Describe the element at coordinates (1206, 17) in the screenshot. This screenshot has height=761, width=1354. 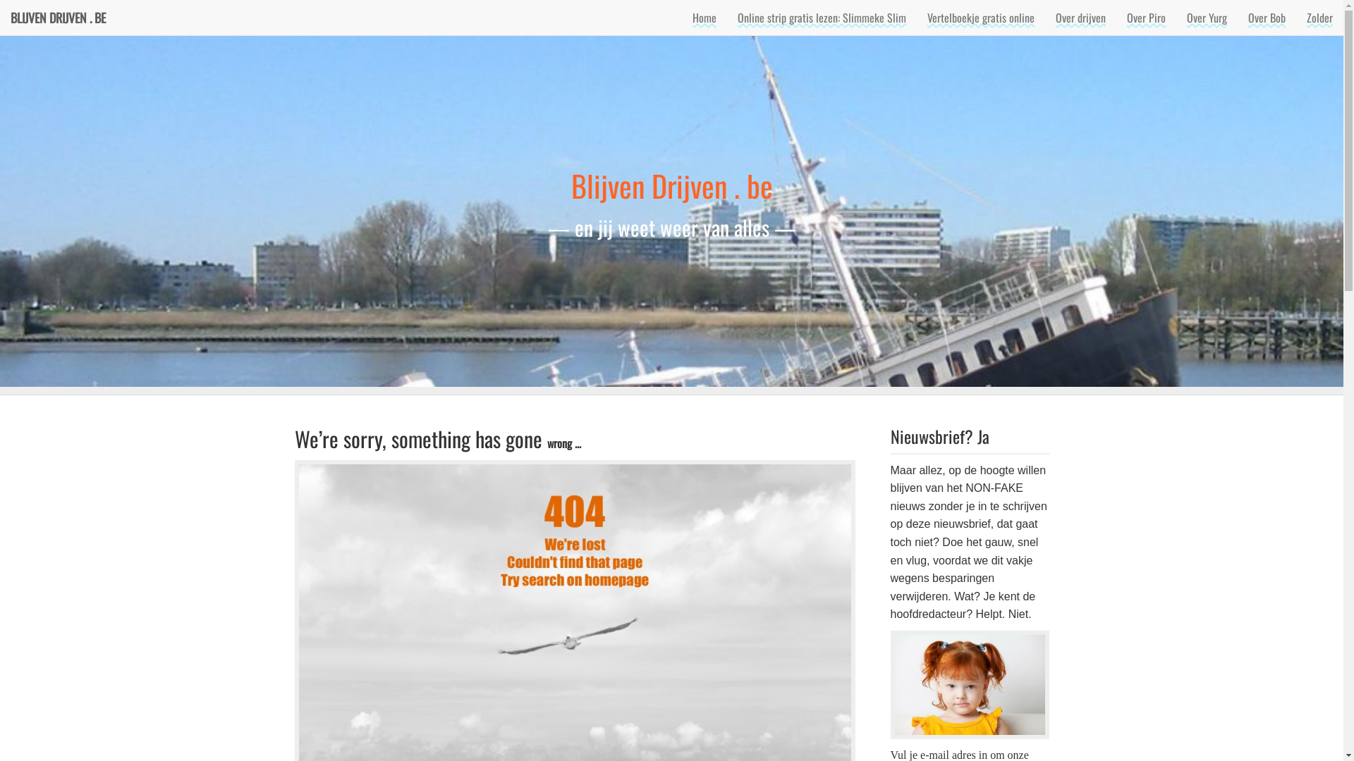
I see `'Over Yurg'` at that location.